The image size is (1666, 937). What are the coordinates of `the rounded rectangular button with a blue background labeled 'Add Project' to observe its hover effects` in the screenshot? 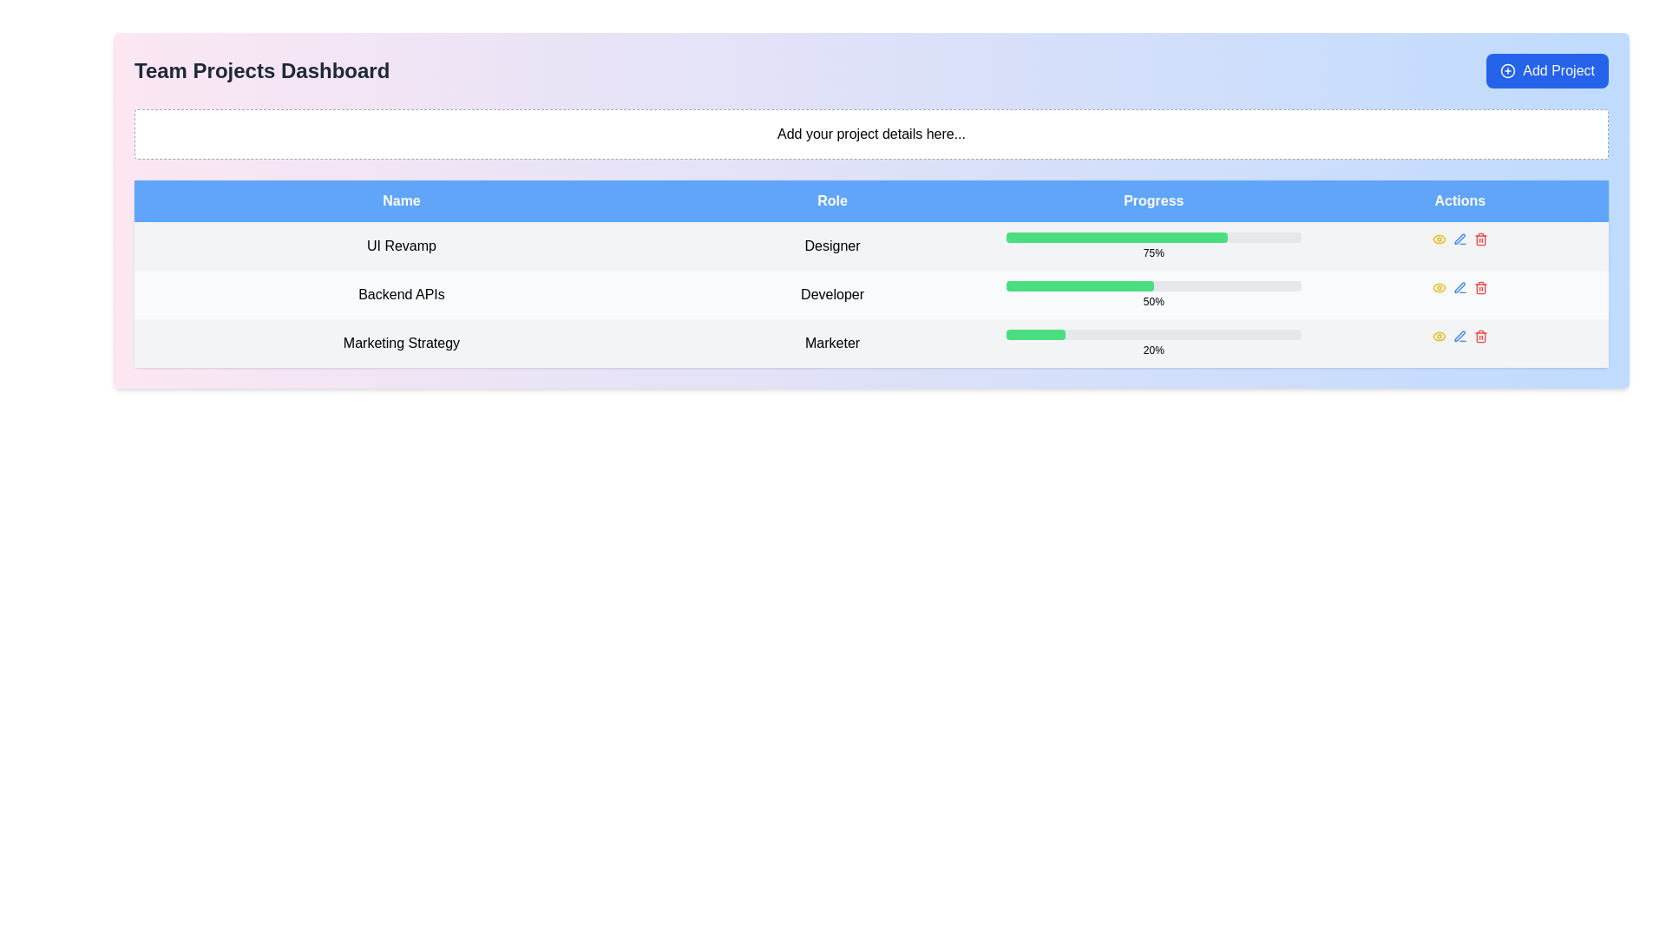 It's located at (1547, 69).